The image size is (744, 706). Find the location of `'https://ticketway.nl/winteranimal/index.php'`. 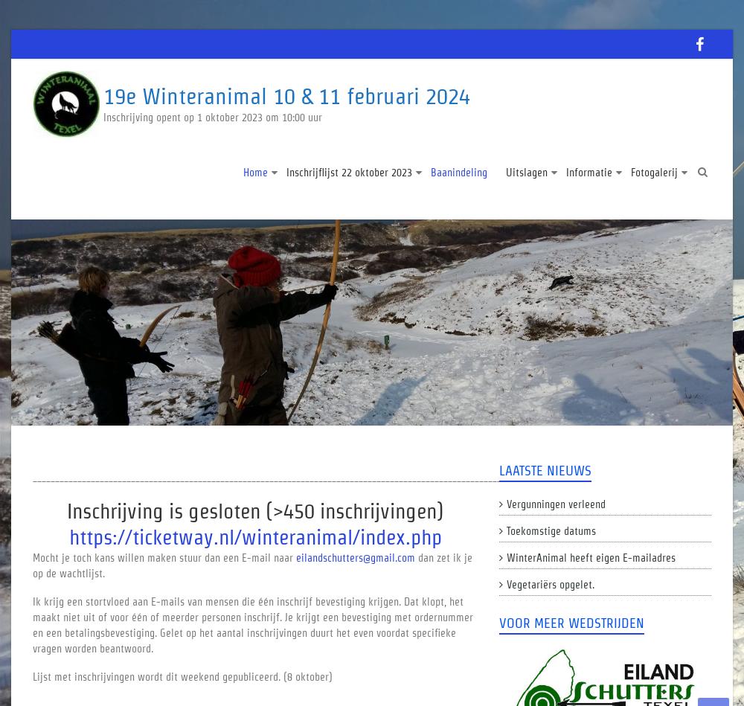

'https://ticketway.nl/winteranimal/index.php' is located at coordinates (254, 536).